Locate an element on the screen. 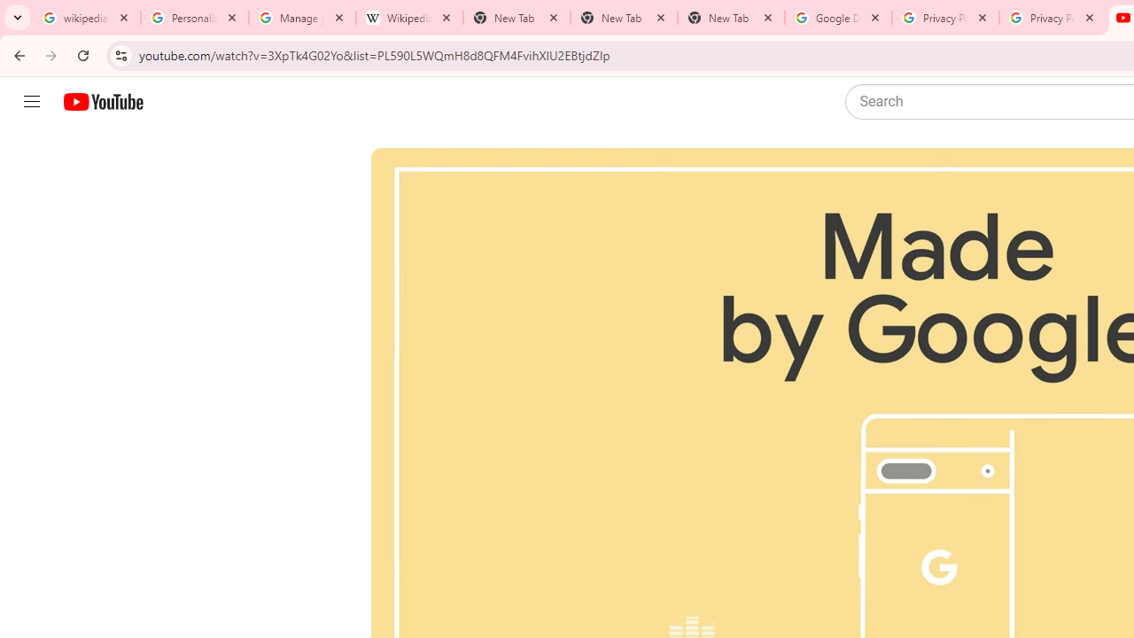 This screenshot has height=638, width=1134. 'Manage your Location History - Google Search Help' is located at coordinates (302, 18).